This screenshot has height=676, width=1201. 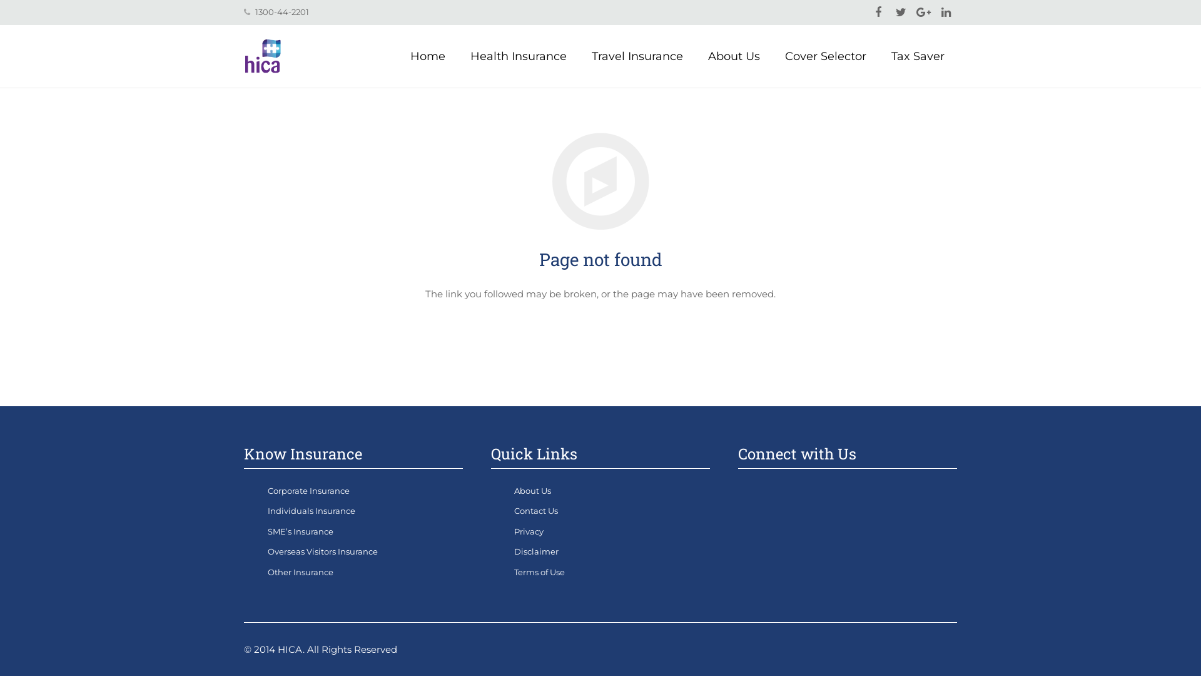 I want to click on 'Health Insurance', so click(x=519, y=55).